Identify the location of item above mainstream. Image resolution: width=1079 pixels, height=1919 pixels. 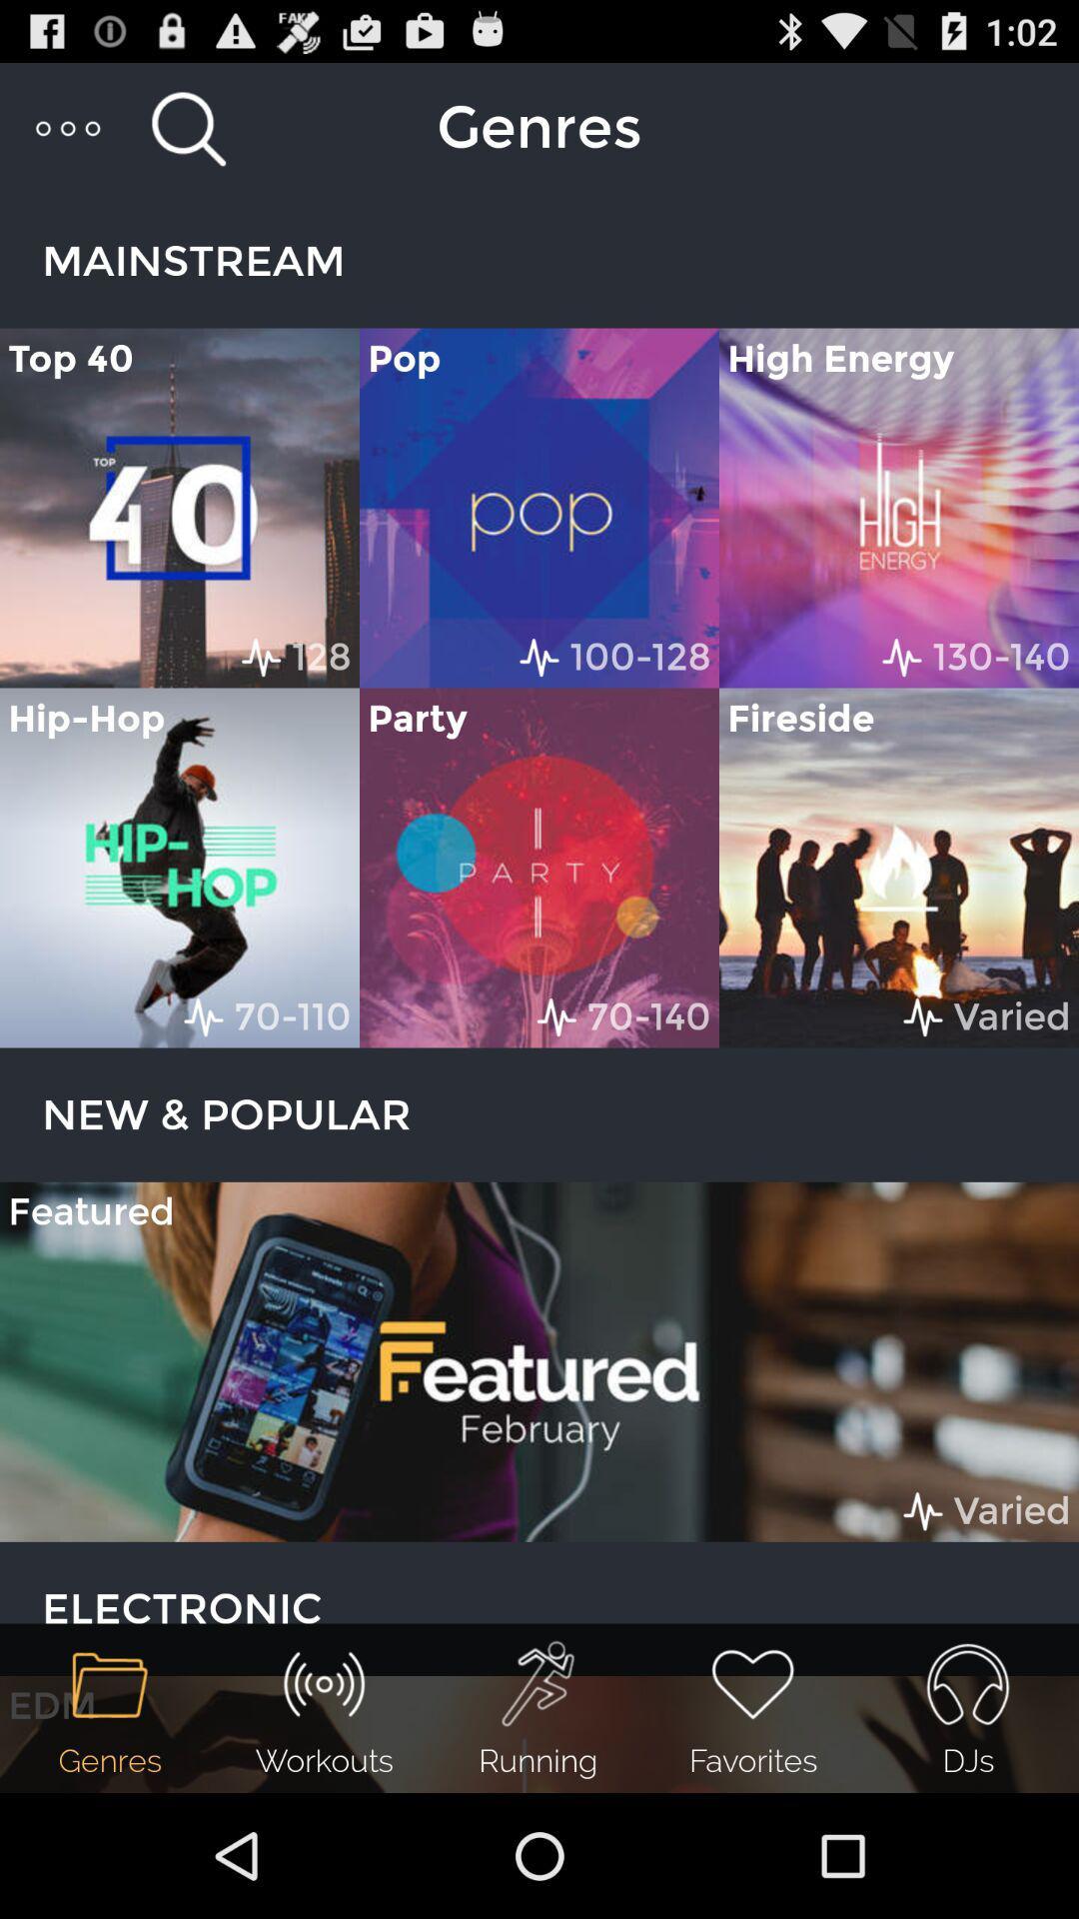
(68, 127).